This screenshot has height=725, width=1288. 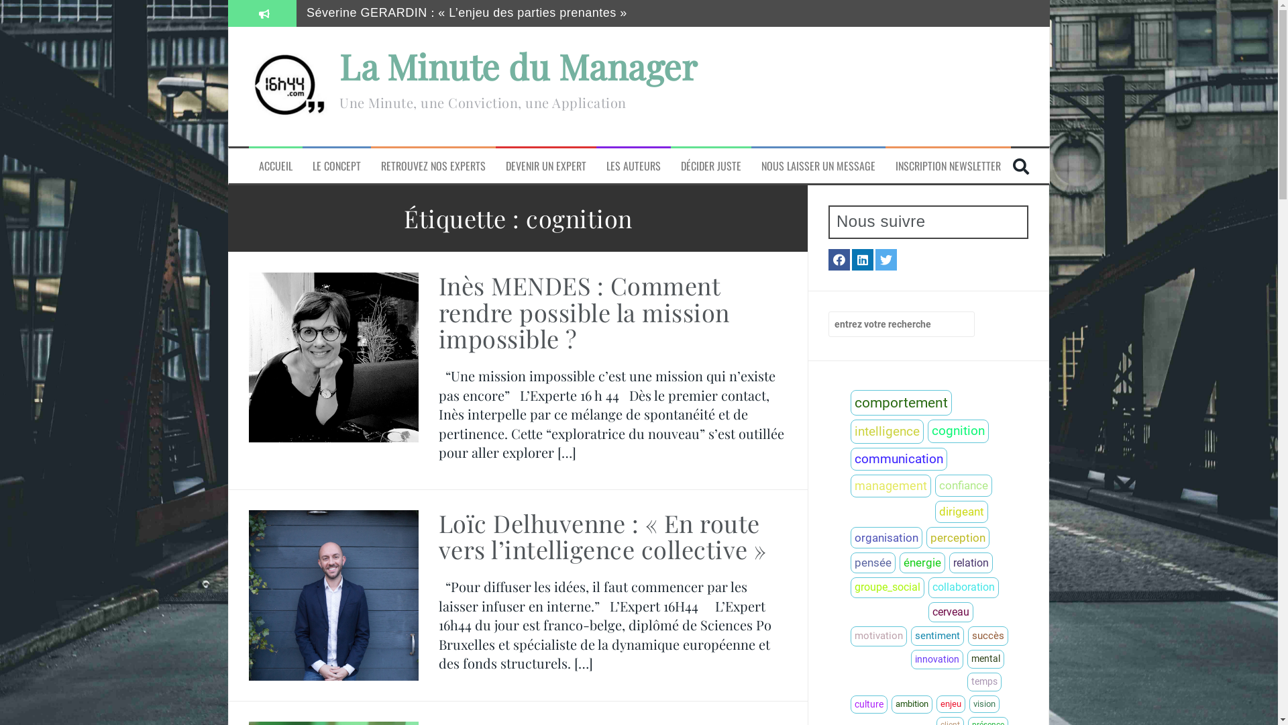 What do you see at coordinates (879, 636) in the screenshot?
I see `'motivation'` at bounding box center [879, 636].